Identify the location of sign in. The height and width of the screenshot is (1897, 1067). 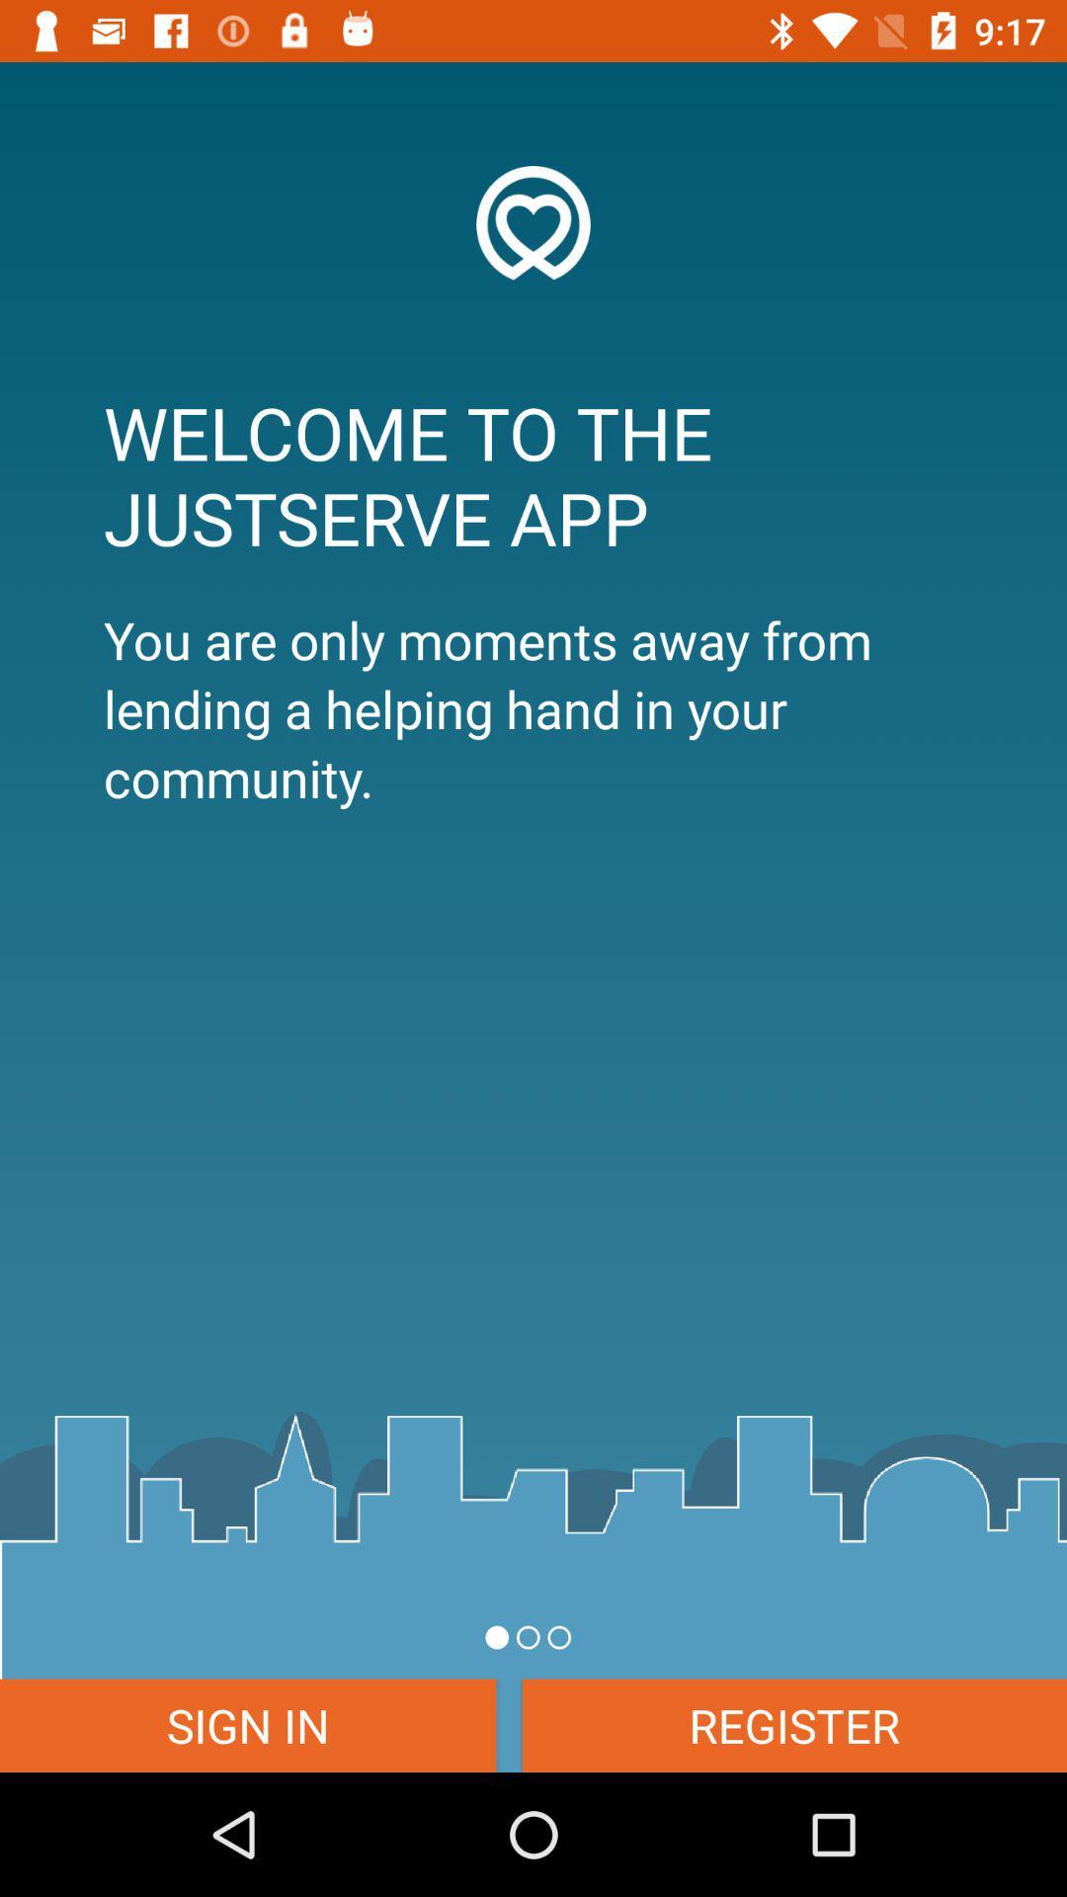
(247, 1724).